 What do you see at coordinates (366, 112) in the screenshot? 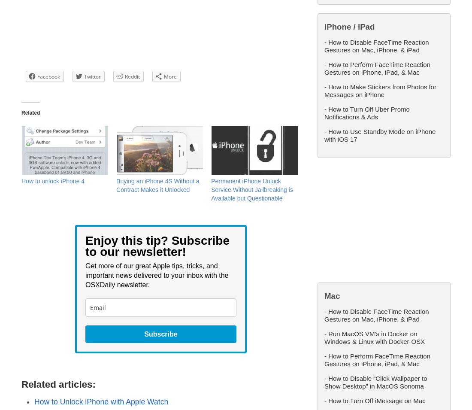
I see `'How to Turn Off Uber Promo Notifications & Ads'` at bounding box center [366, 112].